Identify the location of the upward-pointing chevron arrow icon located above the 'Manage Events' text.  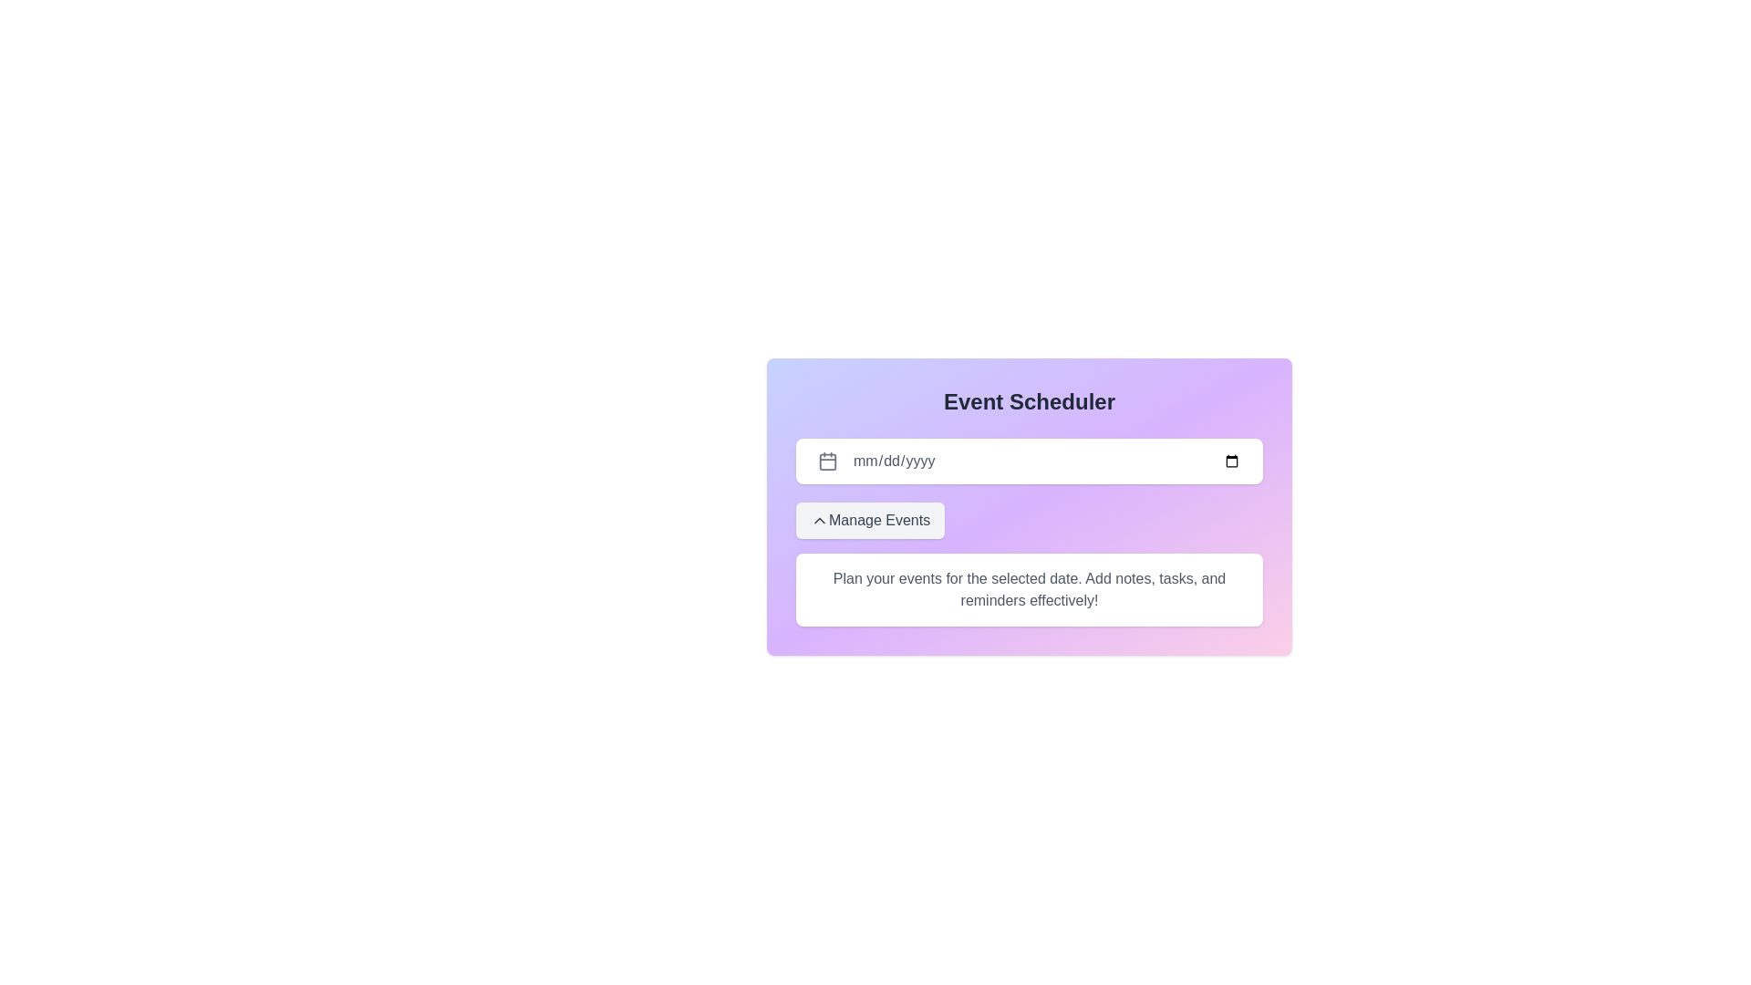
(818, 520).